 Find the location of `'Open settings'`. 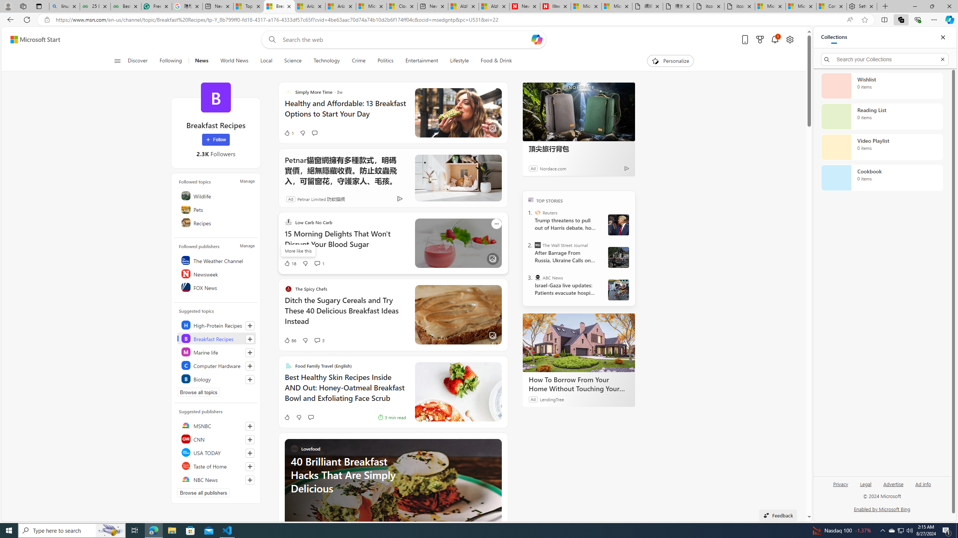

'Open settings' is located at coordinates (789, 40).